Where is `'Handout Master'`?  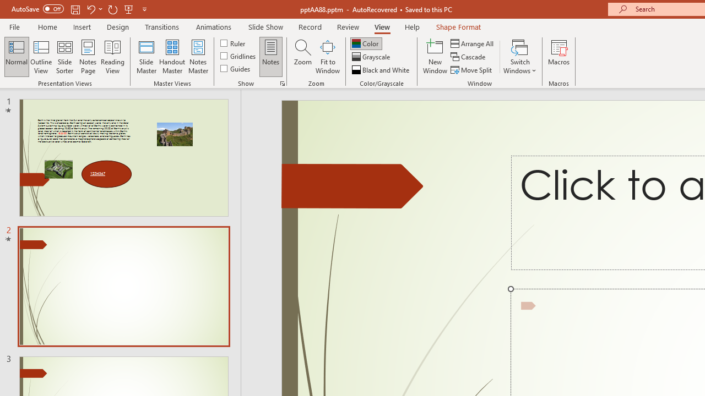 'Handout Master' is located at coordinates (171, 57).